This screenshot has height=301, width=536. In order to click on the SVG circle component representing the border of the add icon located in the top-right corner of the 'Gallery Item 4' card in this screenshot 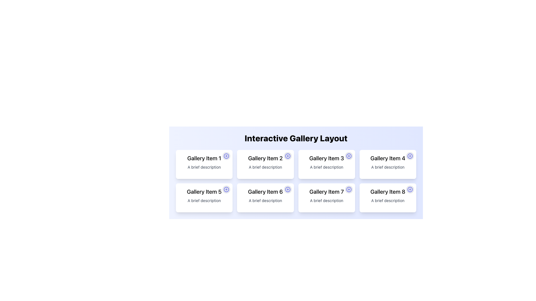, I will do `click(410, 156)`.